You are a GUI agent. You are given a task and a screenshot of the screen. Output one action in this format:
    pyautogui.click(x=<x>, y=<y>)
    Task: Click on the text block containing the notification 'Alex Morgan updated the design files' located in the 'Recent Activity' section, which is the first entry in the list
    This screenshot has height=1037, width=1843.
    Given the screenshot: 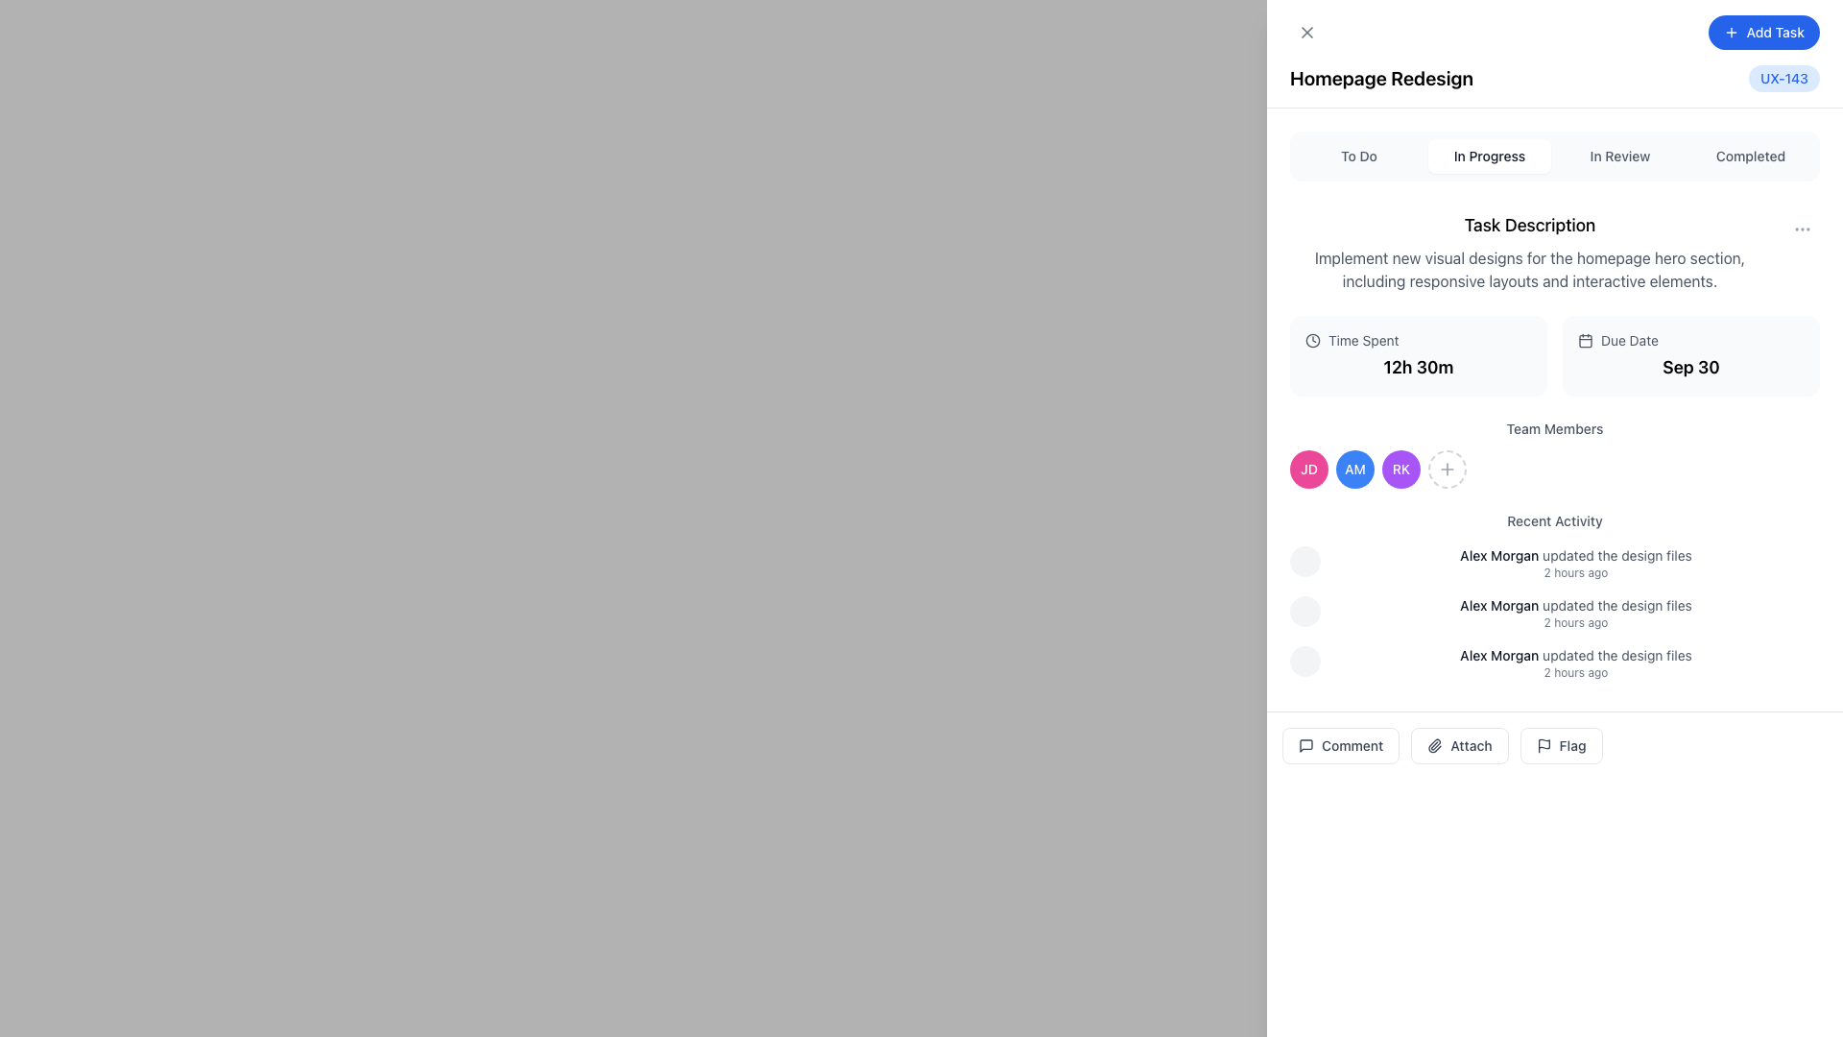 What is the action you would take?
    pyautogui.click(x=1575, y=562)
    